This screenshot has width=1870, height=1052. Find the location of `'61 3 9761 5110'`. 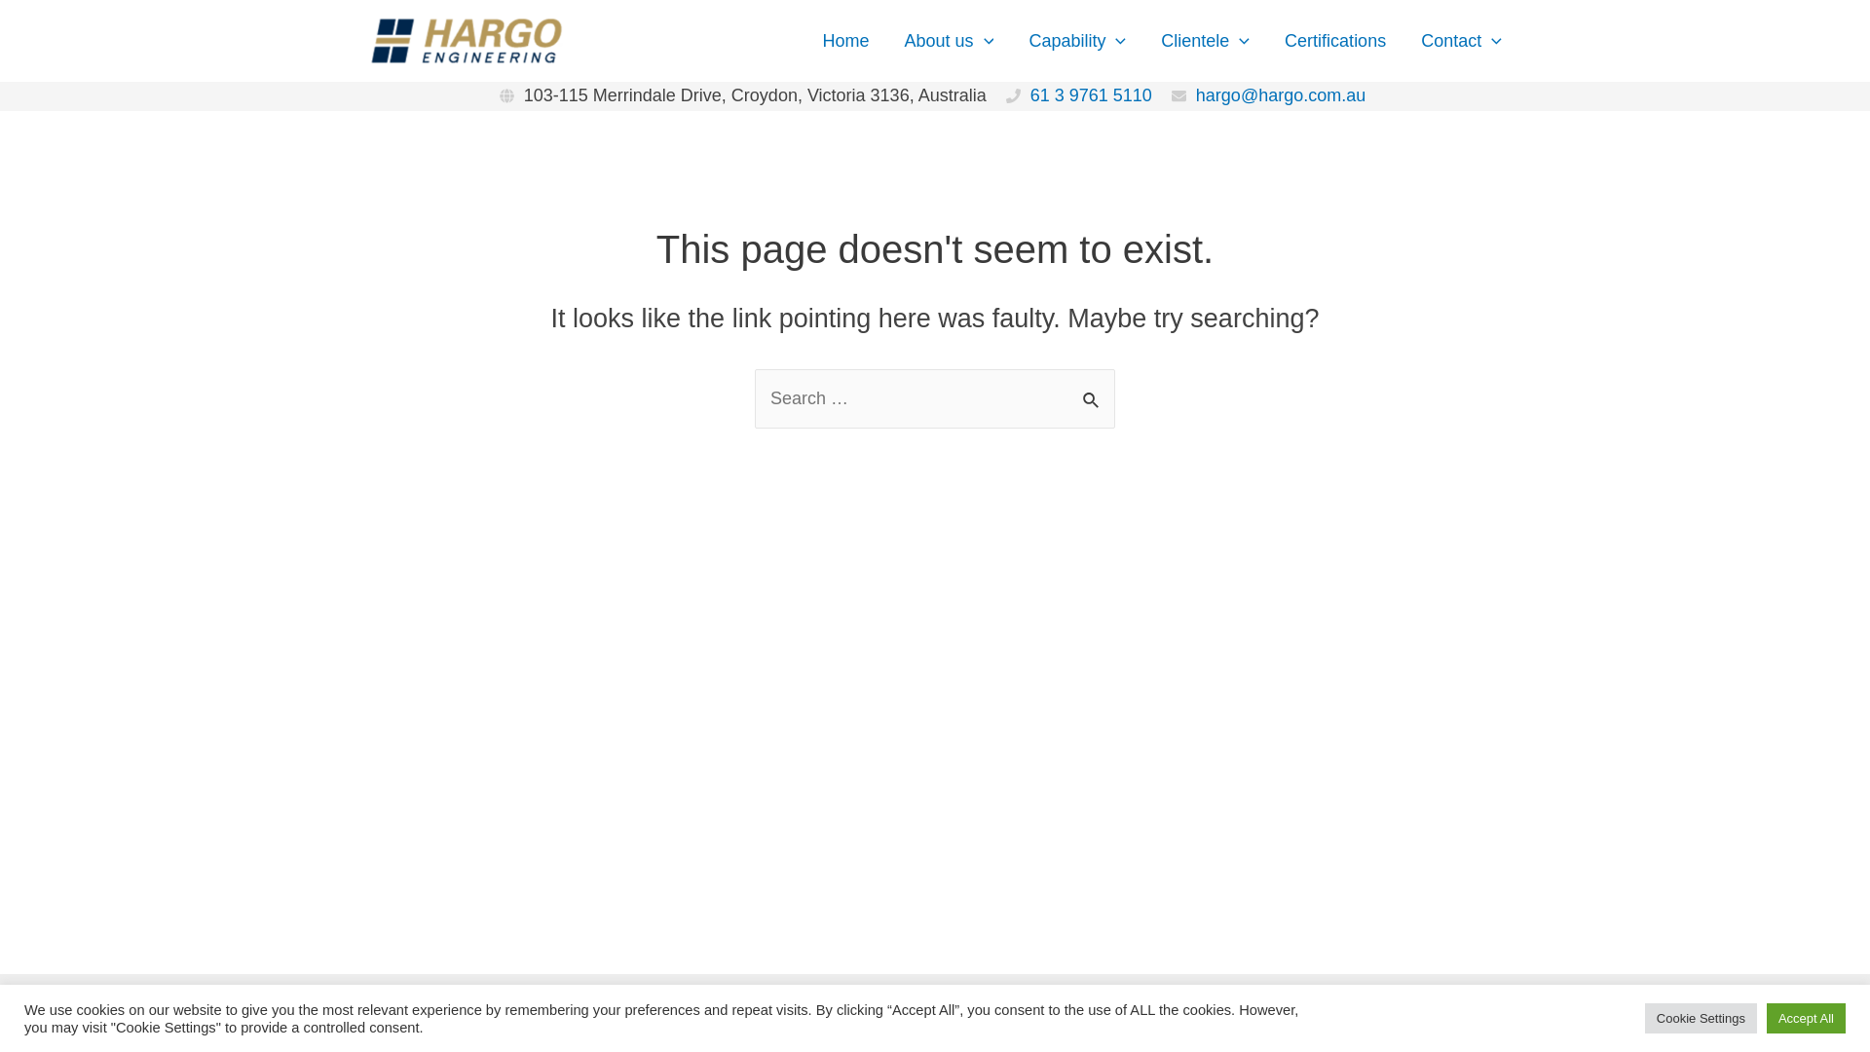

'61 3 9761 5110' is located at coordinates (1091, 94).